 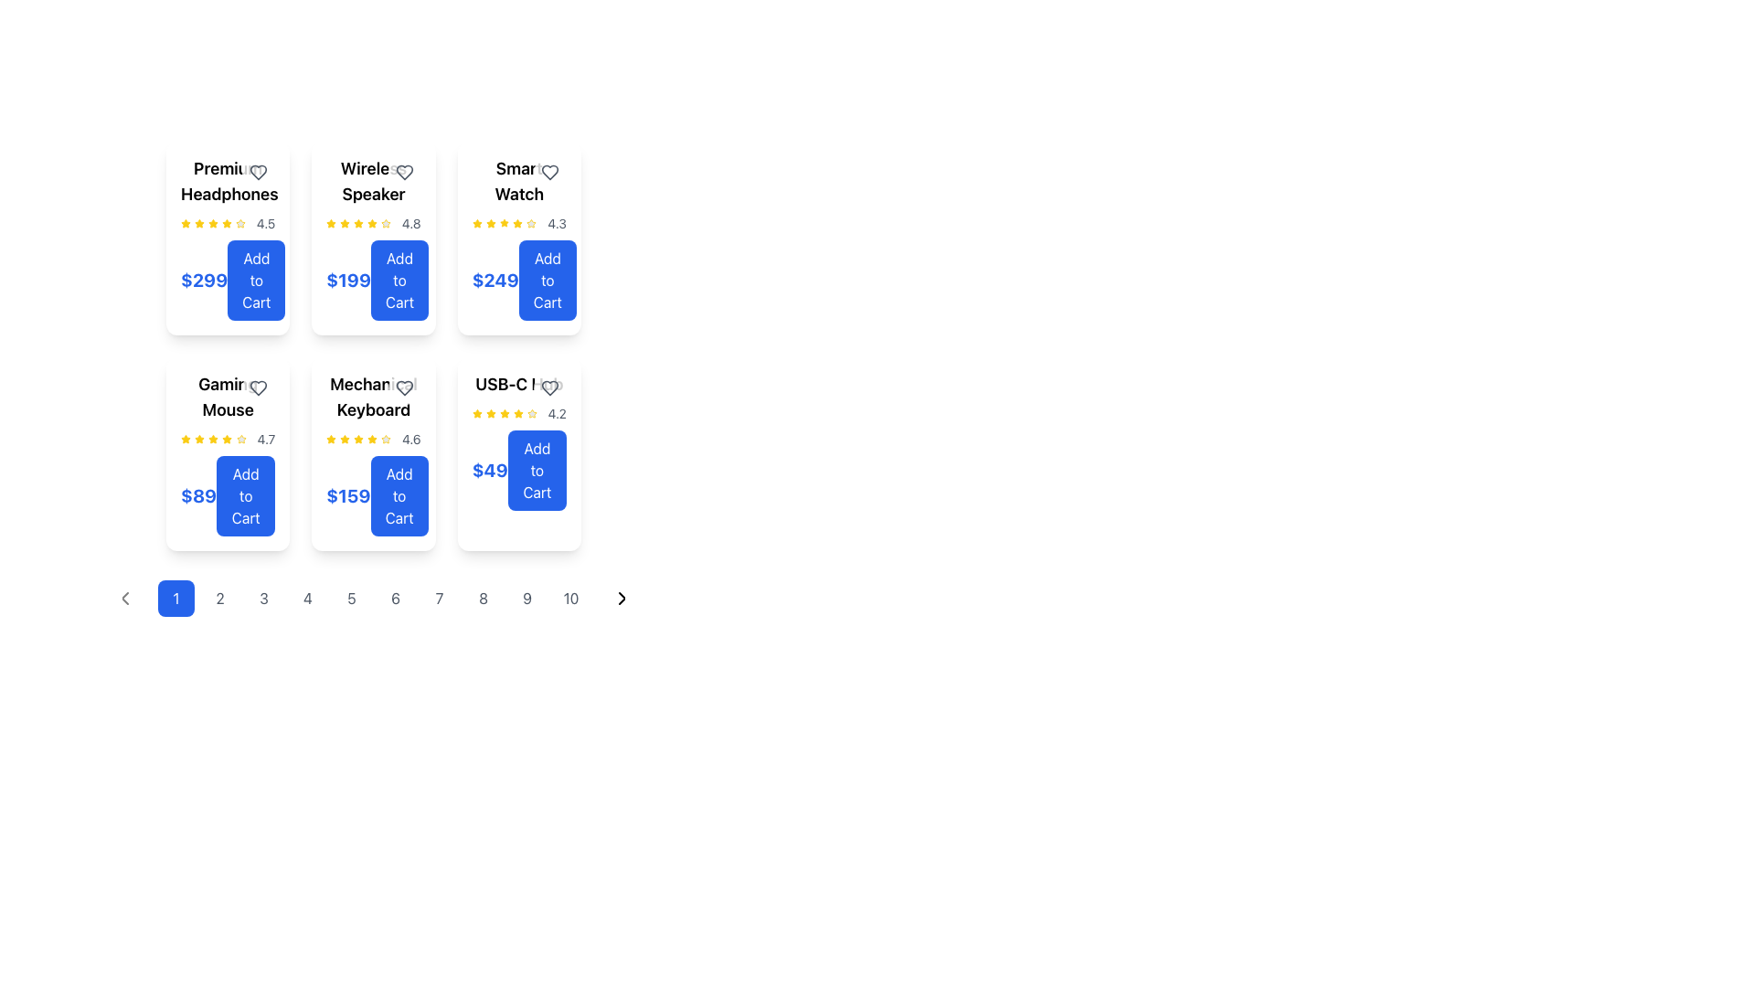 What do you see at coordinates (240, 440) in the screenshot?
I see `the last star icon in the rating system under the 'Gaming Mouse' card to potentially interact with it` at bounding box center [240, 440].